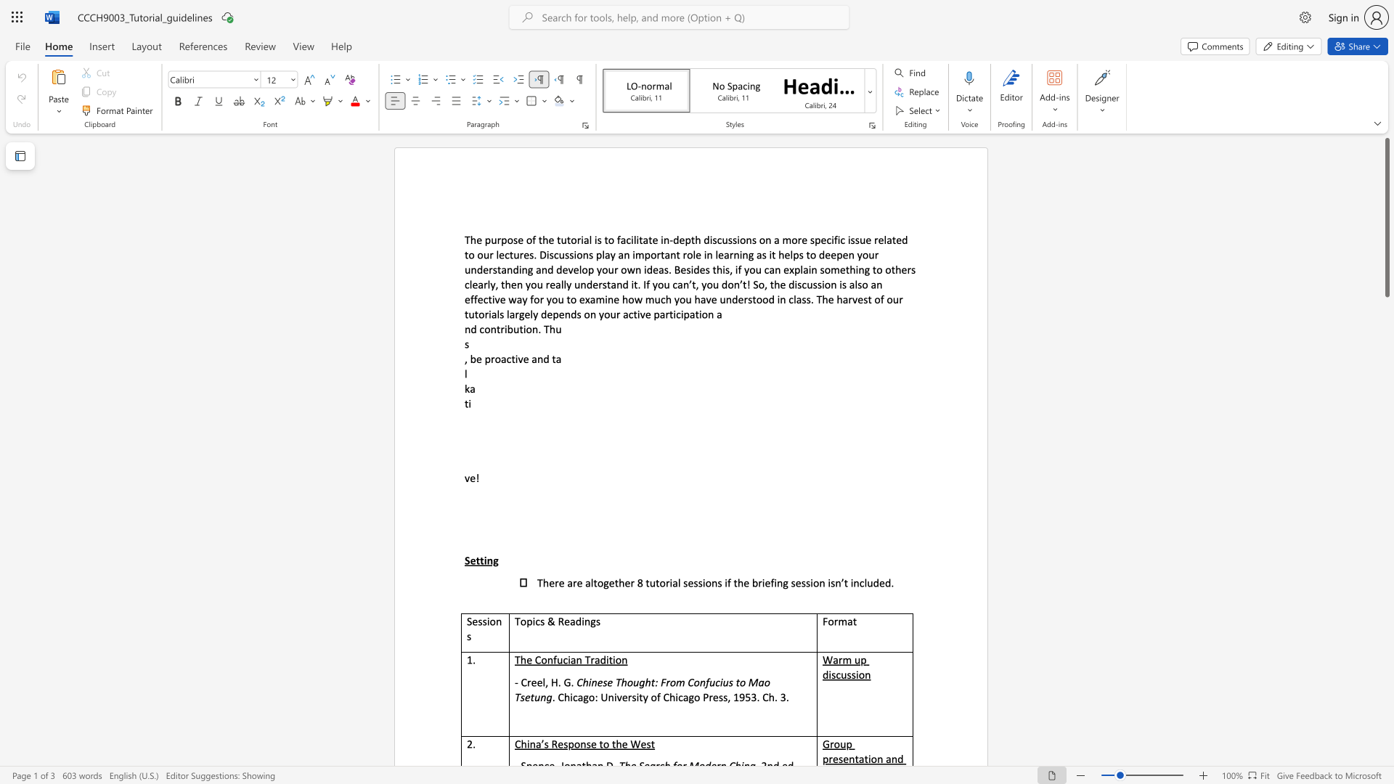 The image size is (1394, 784). Describe the element at coordinates (1386, 573) in the screenshot. I see `the scrollbar to move the content lower` at that location.